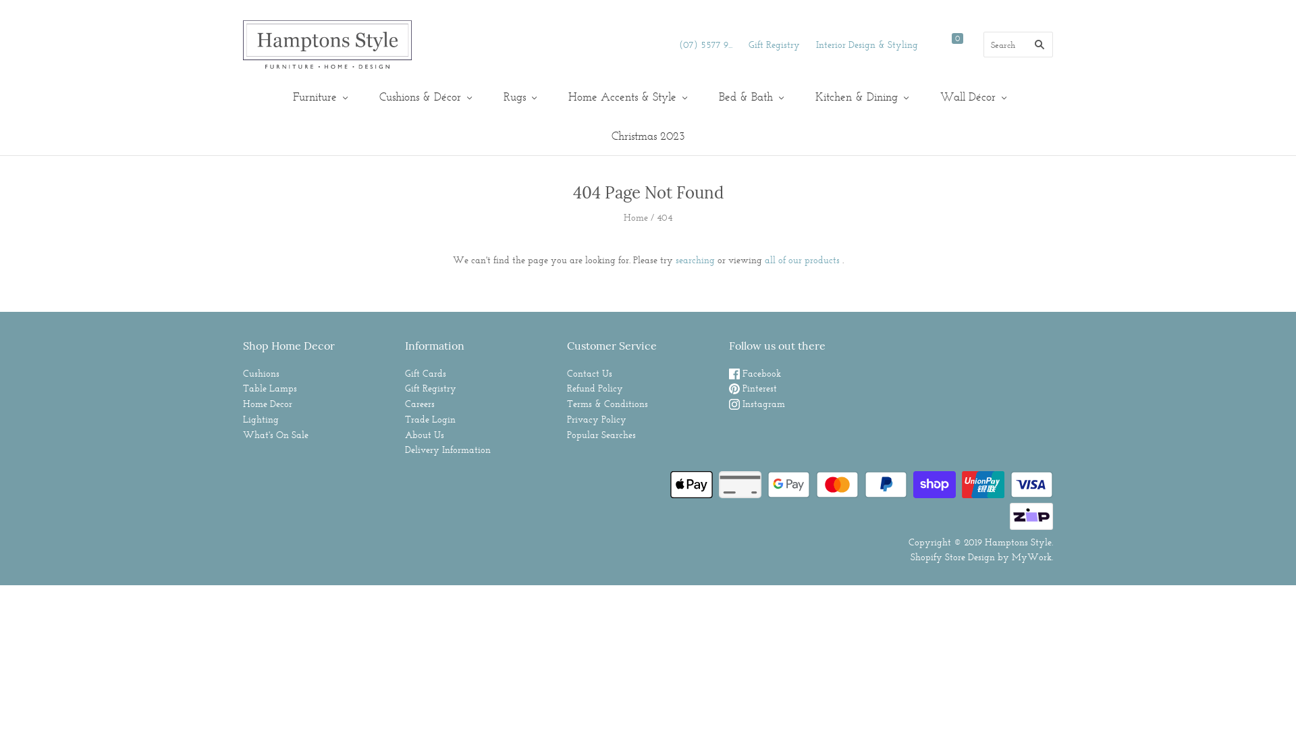 The height and width of the screenshot is (729, 1296). Describe the element at coordinates (593, 136) in the screenshot. I see `'Christmas 2023'` at that location.